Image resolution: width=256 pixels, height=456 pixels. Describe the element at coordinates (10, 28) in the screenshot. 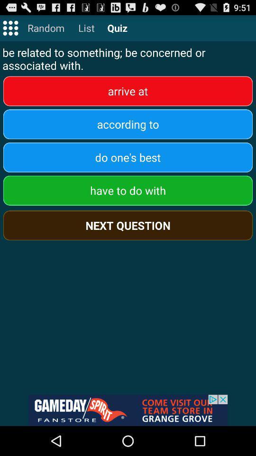

I see `main menu` at that location.